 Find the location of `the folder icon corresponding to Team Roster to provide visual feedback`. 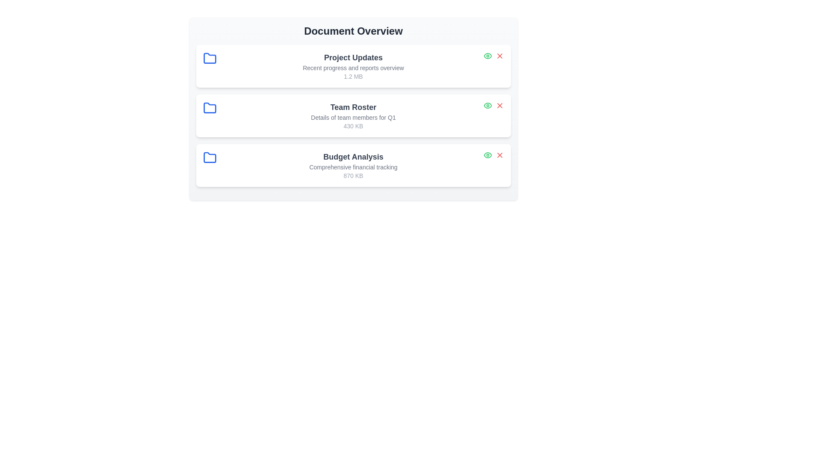

the folder icon corresponding to Team Roster to provide visual feedback is located at coordinates (210, 108).